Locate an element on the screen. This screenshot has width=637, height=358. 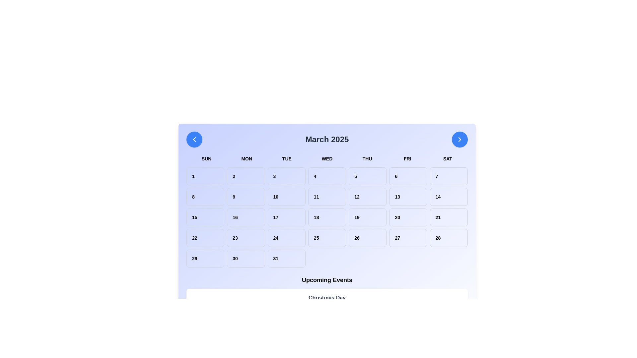
the button labeled '11' is located at coordinates (327, 197).